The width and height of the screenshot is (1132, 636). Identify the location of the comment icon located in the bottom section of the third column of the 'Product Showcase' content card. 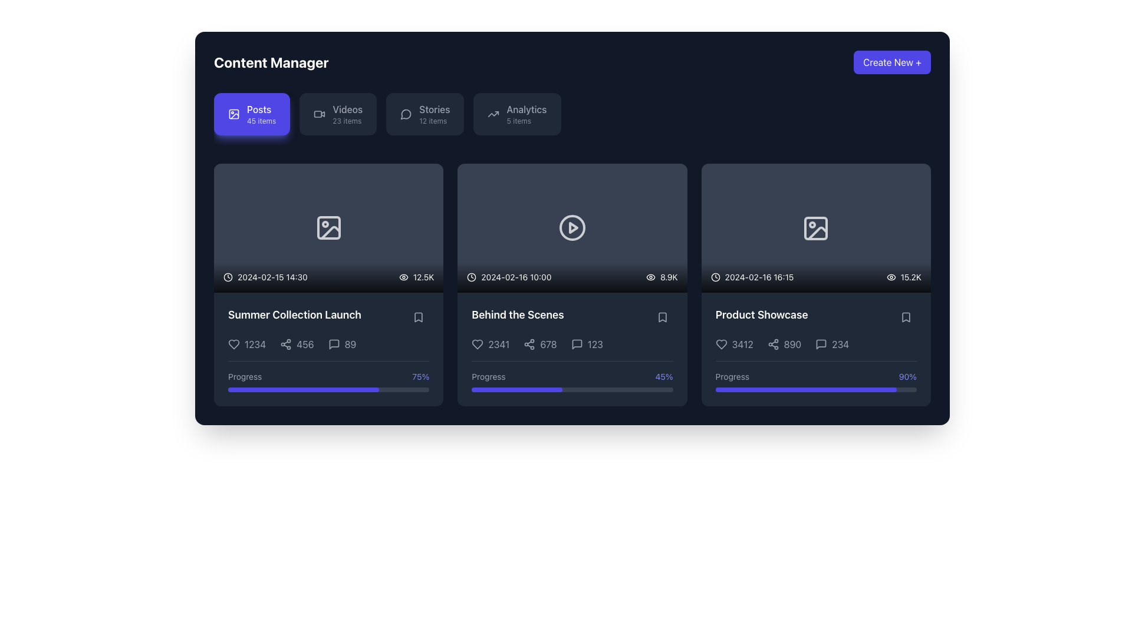
(821, 344).